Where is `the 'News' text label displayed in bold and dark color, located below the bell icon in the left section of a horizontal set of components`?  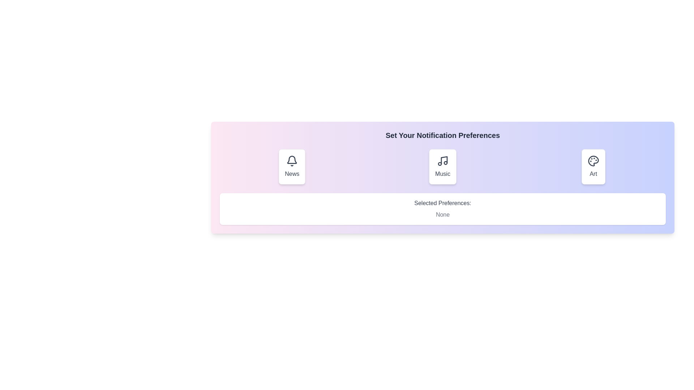 the 'News' text label displayed in bold and dark color, located below the bell icon in the left section of a horizontal set of components is located at coordinates (292, 174).